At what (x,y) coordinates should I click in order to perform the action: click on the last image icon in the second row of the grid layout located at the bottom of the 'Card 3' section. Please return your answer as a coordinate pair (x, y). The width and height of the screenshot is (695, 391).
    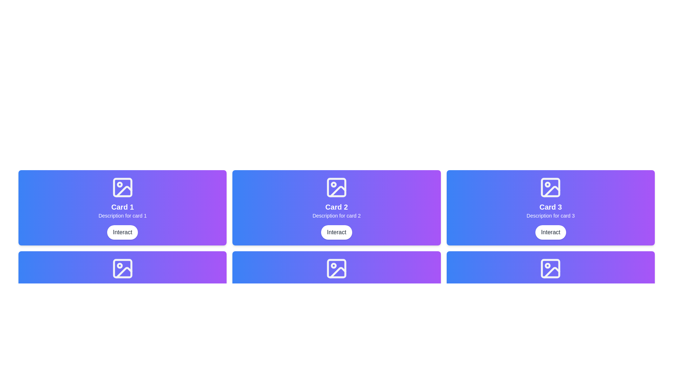
    Looking at the image, I should click on (550, 268).